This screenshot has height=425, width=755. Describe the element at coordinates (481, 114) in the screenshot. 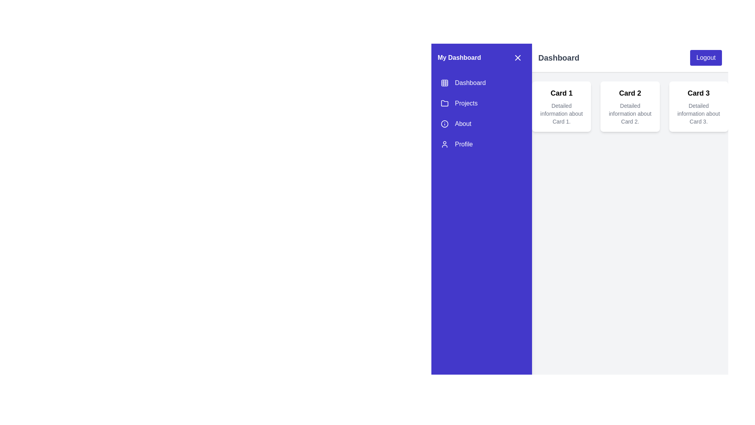

I see `the 'Projects' navigational link in the sidebar` at that location.